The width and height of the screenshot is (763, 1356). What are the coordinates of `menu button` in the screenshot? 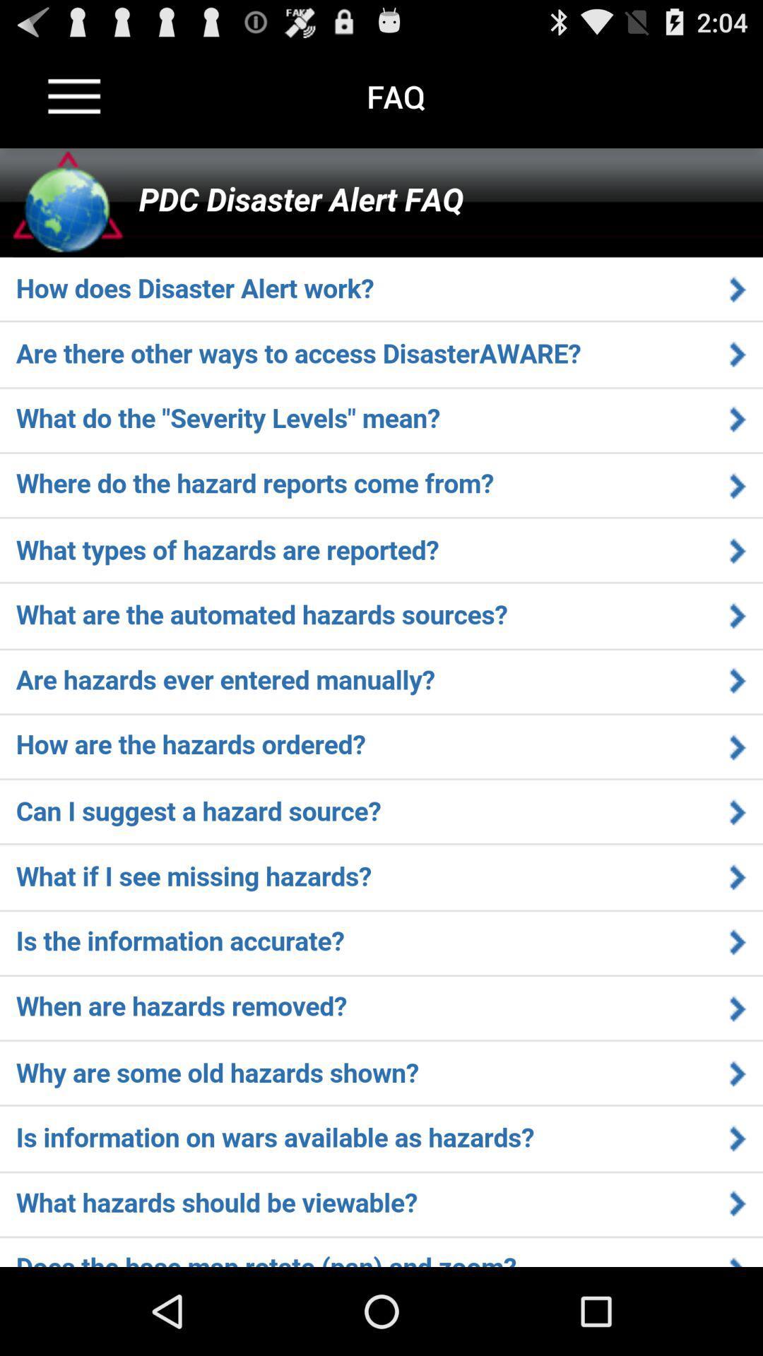 It's located at (74, 95).